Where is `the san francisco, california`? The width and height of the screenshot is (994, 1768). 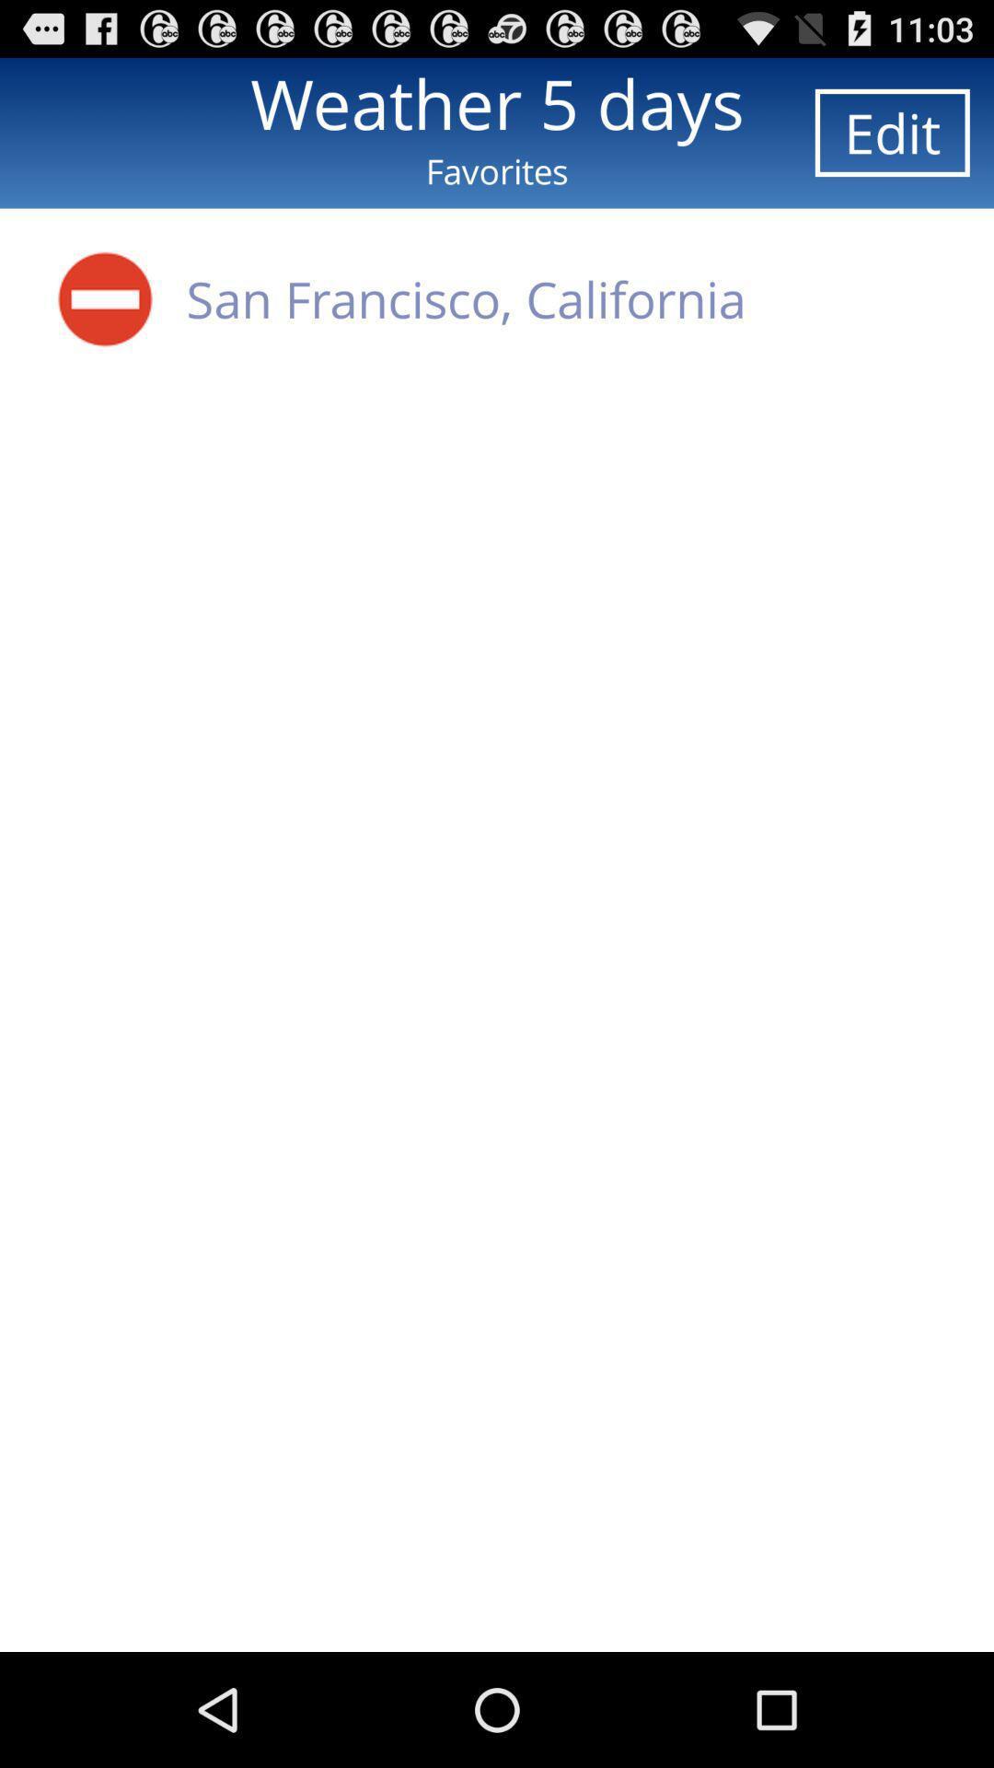 the san francisco, california is located at coordinates (465, 298).